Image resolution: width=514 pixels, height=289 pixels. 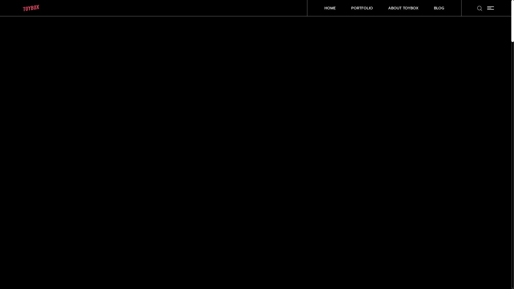 What do you see at coordinates (403, 8) in the screenshot?
I see `'ABOUT TOYBOX'` at bounding box center [403, 8].